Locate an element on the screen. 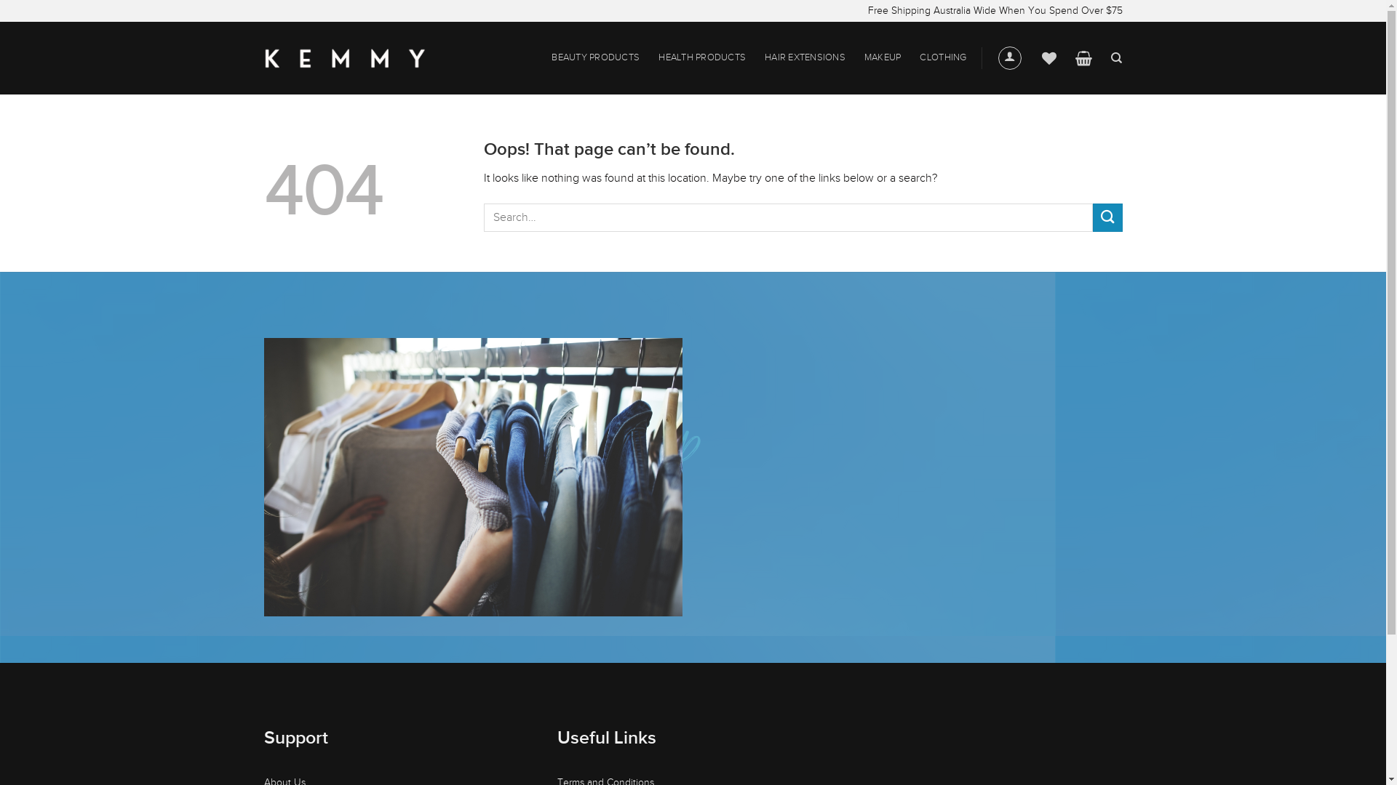  'MAKEUP' is located at coordinates (882, 57).